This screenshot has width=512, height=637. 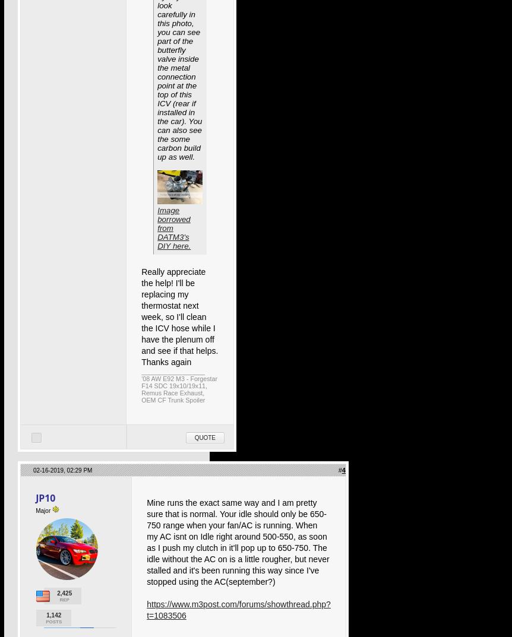 I want to click on '4', so click(x=342, y=470).